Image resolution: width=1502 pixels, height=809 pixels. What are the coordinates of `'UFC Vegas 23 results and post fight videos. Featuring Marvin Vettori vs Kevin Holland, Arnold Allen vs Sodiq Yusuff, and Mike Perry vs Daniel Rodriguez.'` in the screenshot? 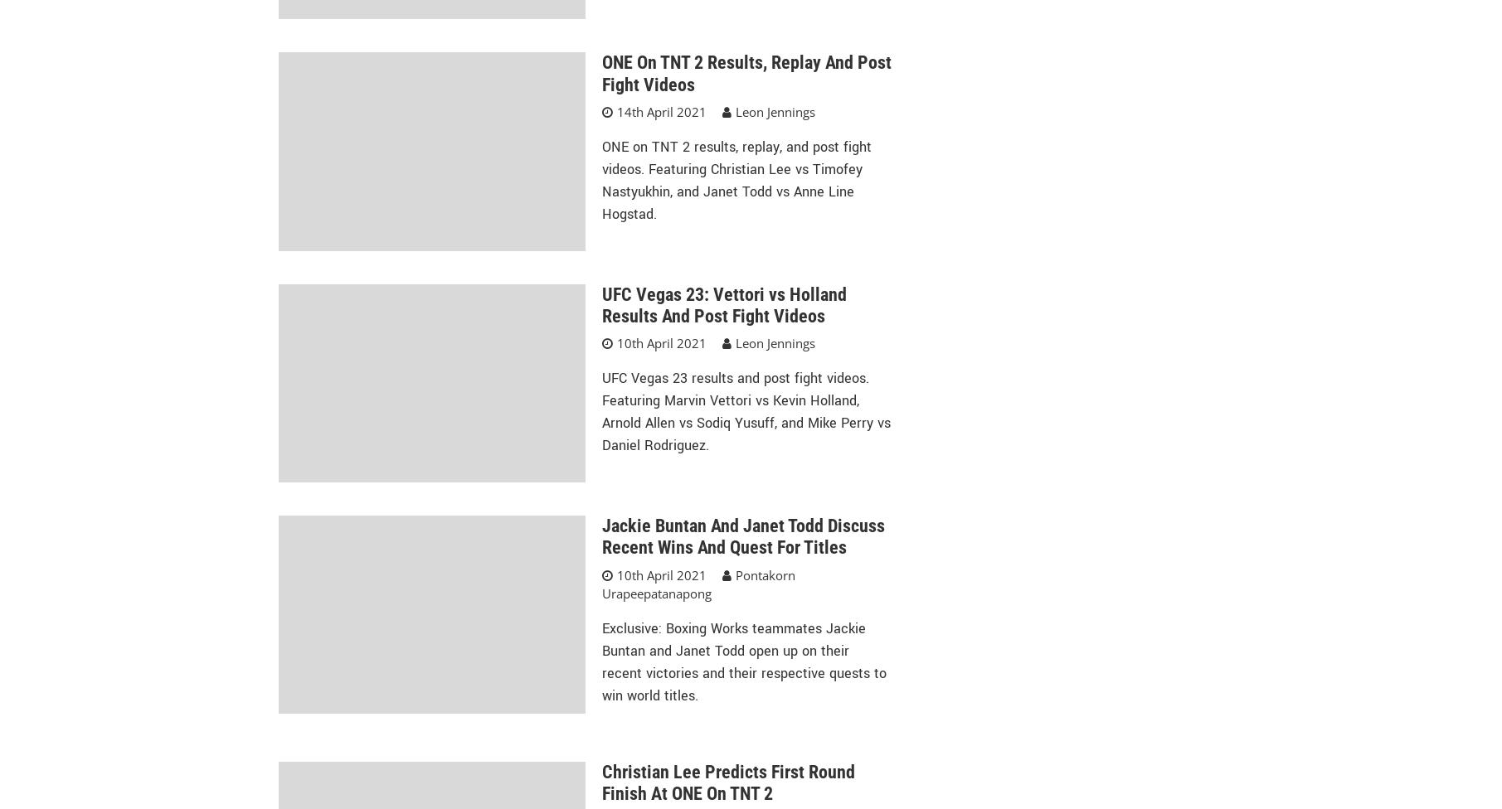 It's located at (745, 411).